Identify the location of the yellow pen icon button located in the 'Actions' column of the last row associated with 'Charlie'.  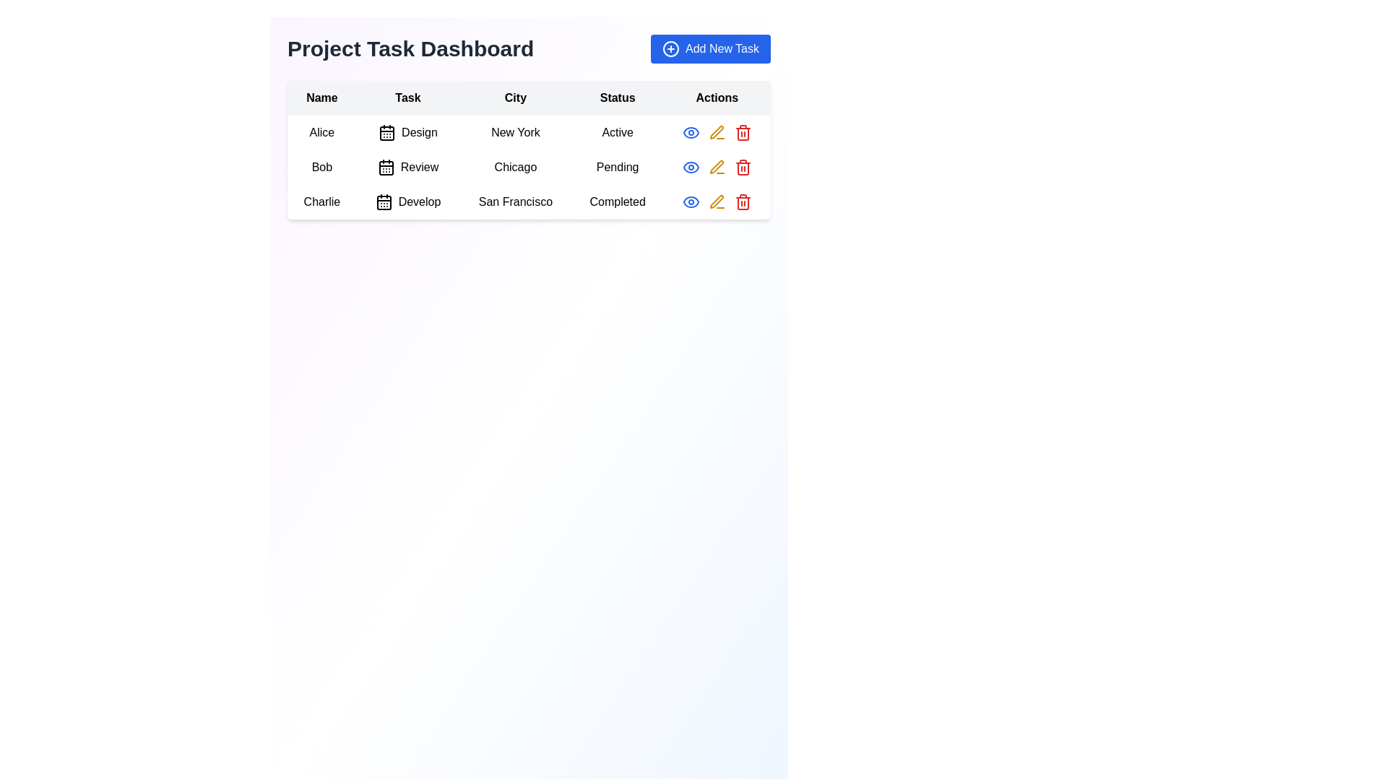
(717, 202).